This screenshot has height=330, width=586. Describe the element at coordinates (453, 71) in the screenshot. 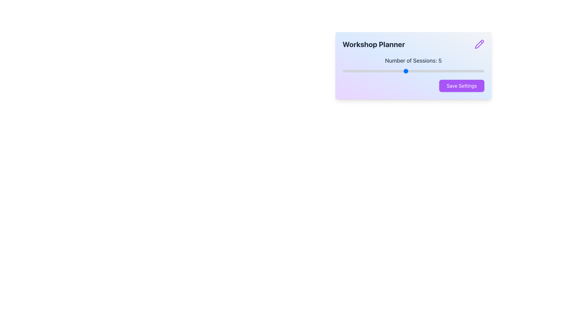

I see `the slider` at that location.